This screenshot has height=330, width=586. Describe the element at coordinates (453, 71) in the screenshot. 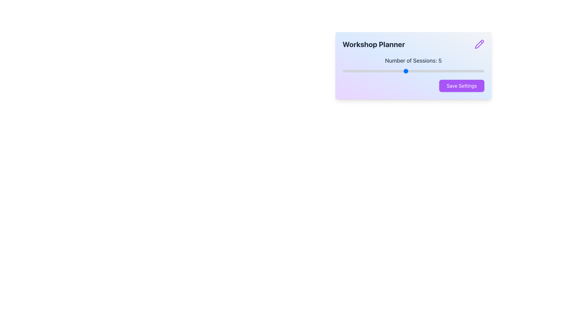

I see `the slider` at that location.